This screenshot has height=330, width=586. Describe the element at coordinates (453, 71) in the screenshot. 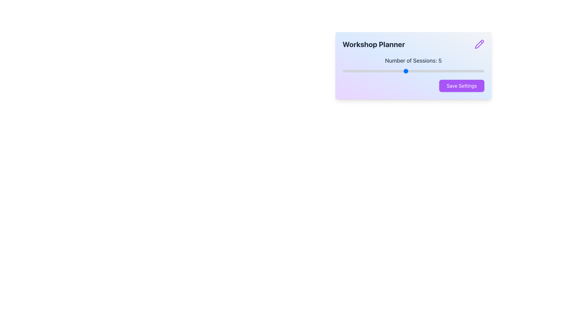

I see `the slider` at that location.